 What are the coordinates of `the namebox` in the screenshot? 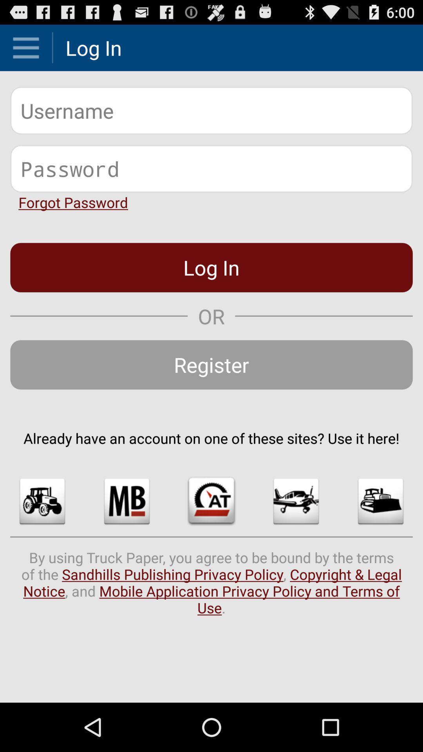 It's located at (211, 110).